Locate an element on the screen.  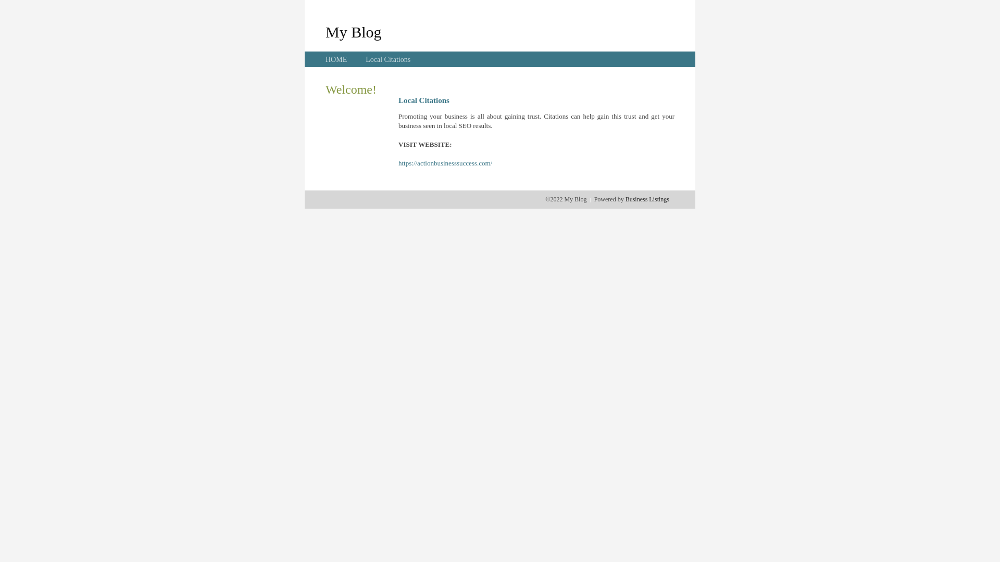
'Local Citations' is located at coordinates (365, 59).